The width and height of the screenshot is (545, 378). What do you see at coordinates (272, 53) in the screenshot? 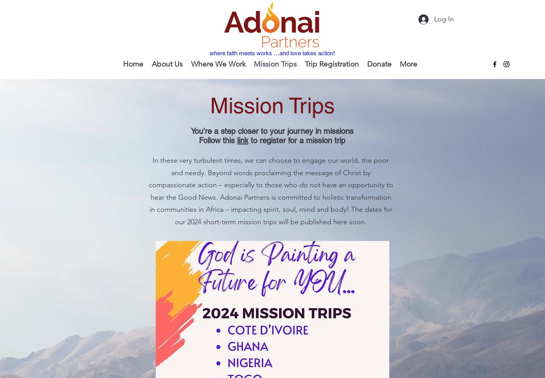
I see `'where faith meets works …and love takes action!'` at bounding box center [272, 53].